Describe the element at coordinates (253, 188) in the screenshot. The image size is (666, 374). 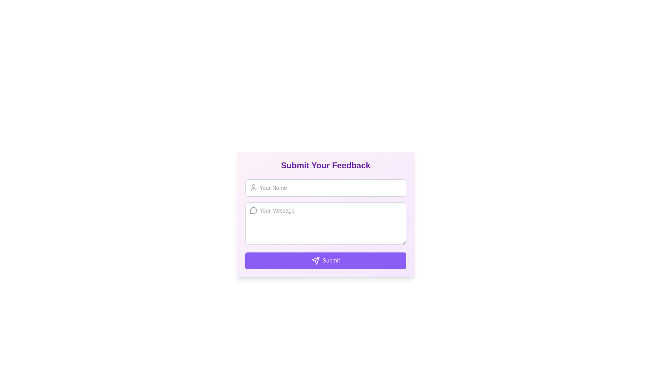
I see `the Decorative icon that visually aligns with the 'Your Name' input field, located on the left side of the input field` at that location.